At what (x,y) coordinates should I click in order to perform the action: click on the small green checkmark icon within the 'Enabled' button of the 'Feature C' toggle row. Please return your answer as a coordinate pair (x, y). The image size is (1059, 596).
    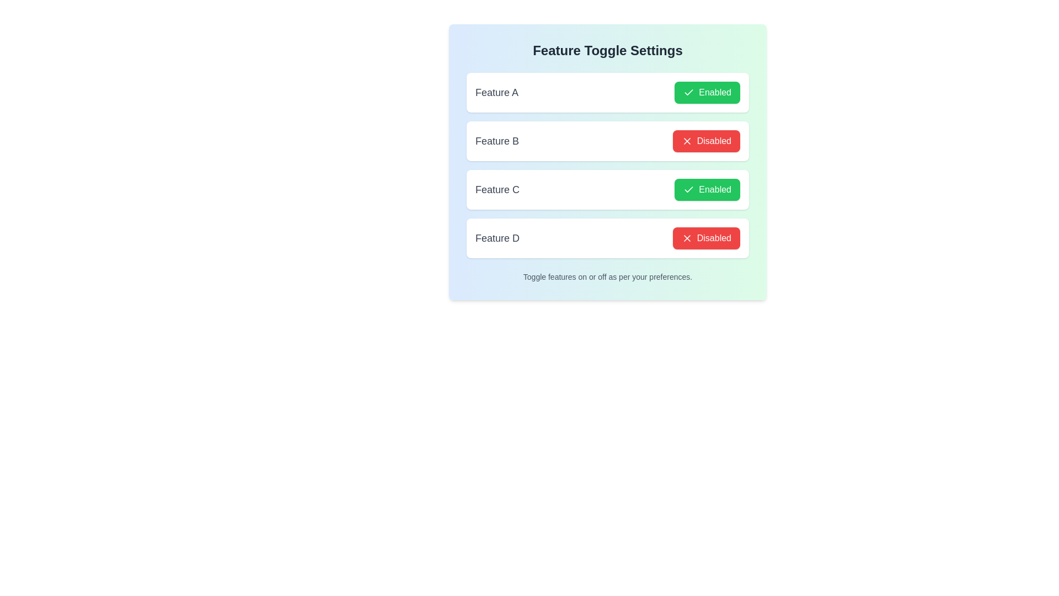
    Looking at the image, I should click on (688, 189).